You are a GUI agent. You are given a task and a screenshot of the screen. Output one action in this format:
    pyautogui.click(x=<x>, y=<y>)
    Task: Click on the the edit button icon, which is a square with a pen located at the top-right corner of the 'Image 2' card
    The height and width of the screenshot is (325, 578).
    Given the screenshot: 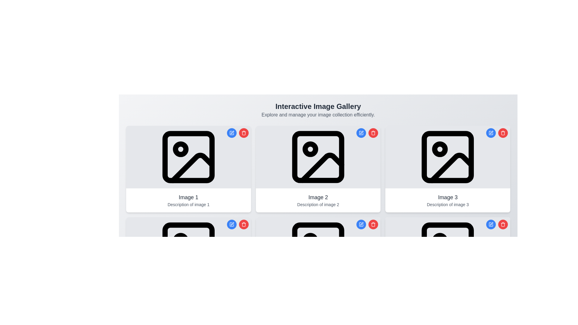 What is the action you would take?
    pyautogui.click(x=361, y=133)
    